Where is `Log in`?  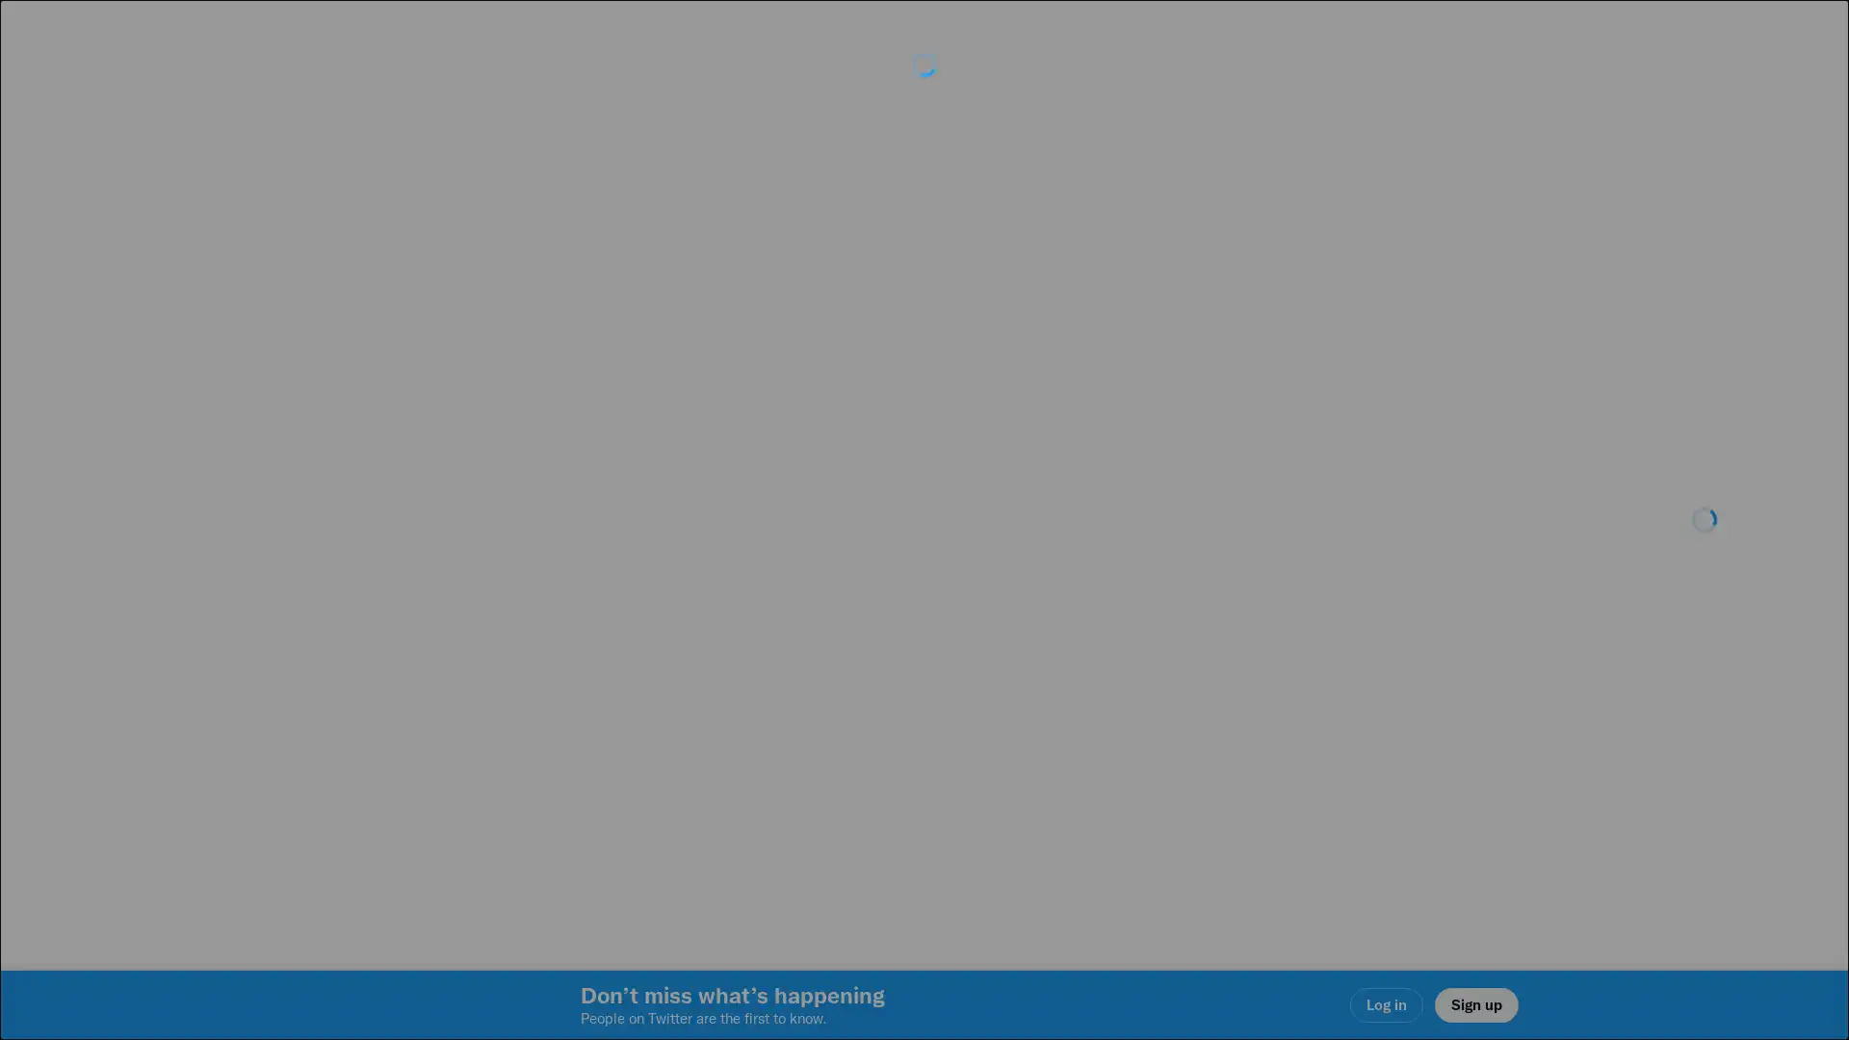 Log in is located at coordinates (1156, 656).